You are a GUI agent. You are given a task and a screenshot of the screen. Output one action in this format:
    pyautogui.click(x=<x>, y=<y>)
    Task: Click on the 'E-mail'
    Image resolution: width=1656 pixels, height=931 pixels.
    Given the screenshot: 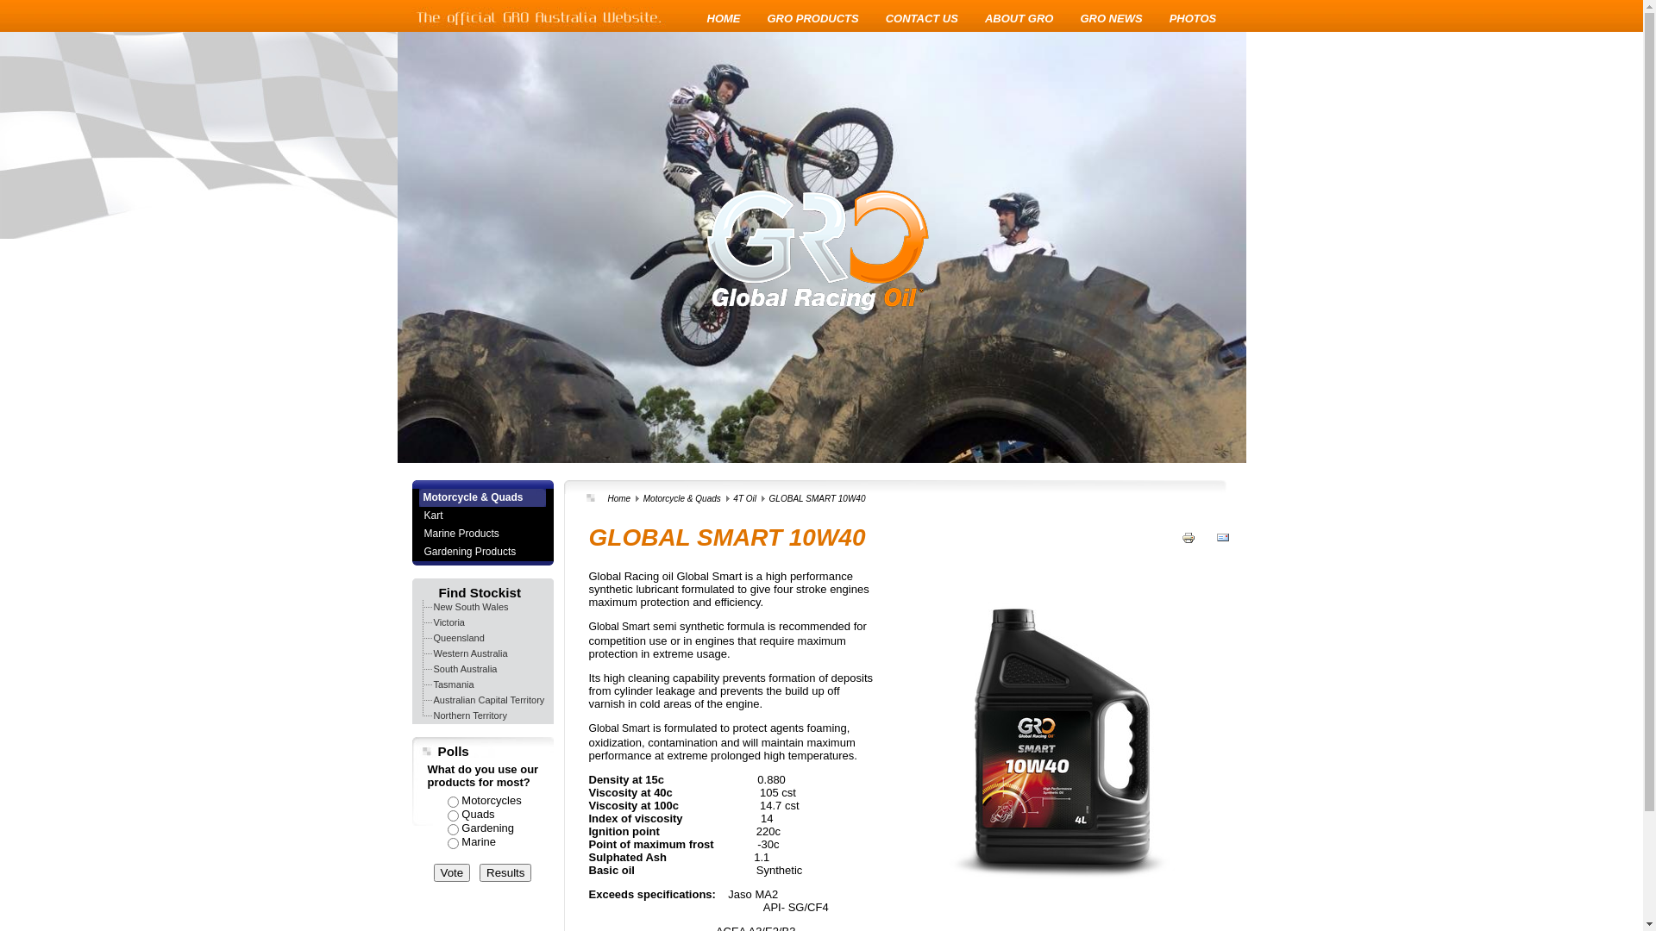 What is the action you would take?
    pyautogui.click(x=1221, y=549)
    